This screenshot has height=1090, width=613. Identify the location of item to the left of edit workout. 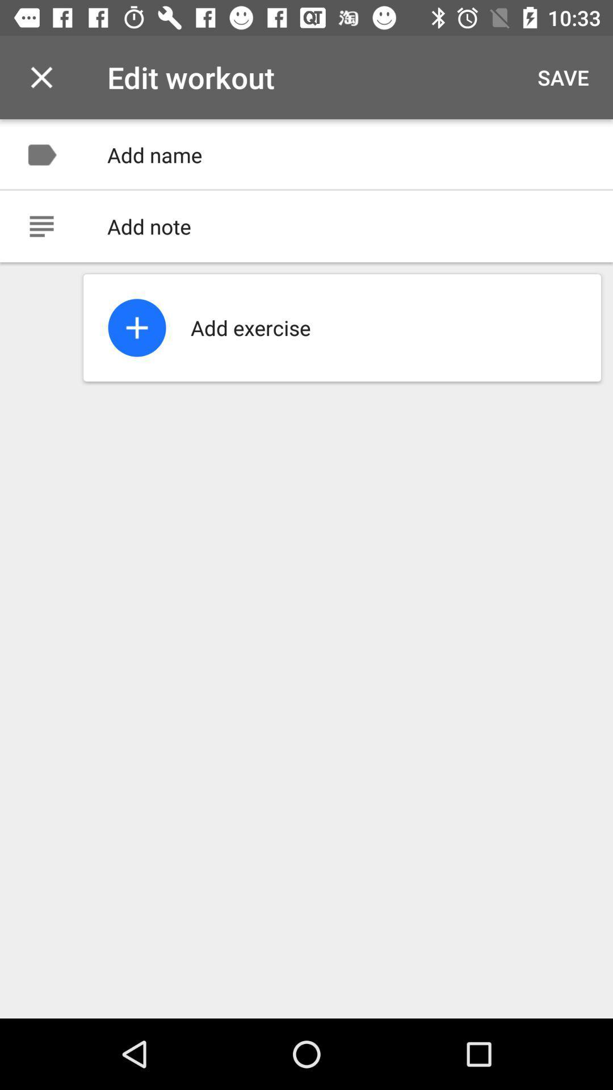
(41, 77).